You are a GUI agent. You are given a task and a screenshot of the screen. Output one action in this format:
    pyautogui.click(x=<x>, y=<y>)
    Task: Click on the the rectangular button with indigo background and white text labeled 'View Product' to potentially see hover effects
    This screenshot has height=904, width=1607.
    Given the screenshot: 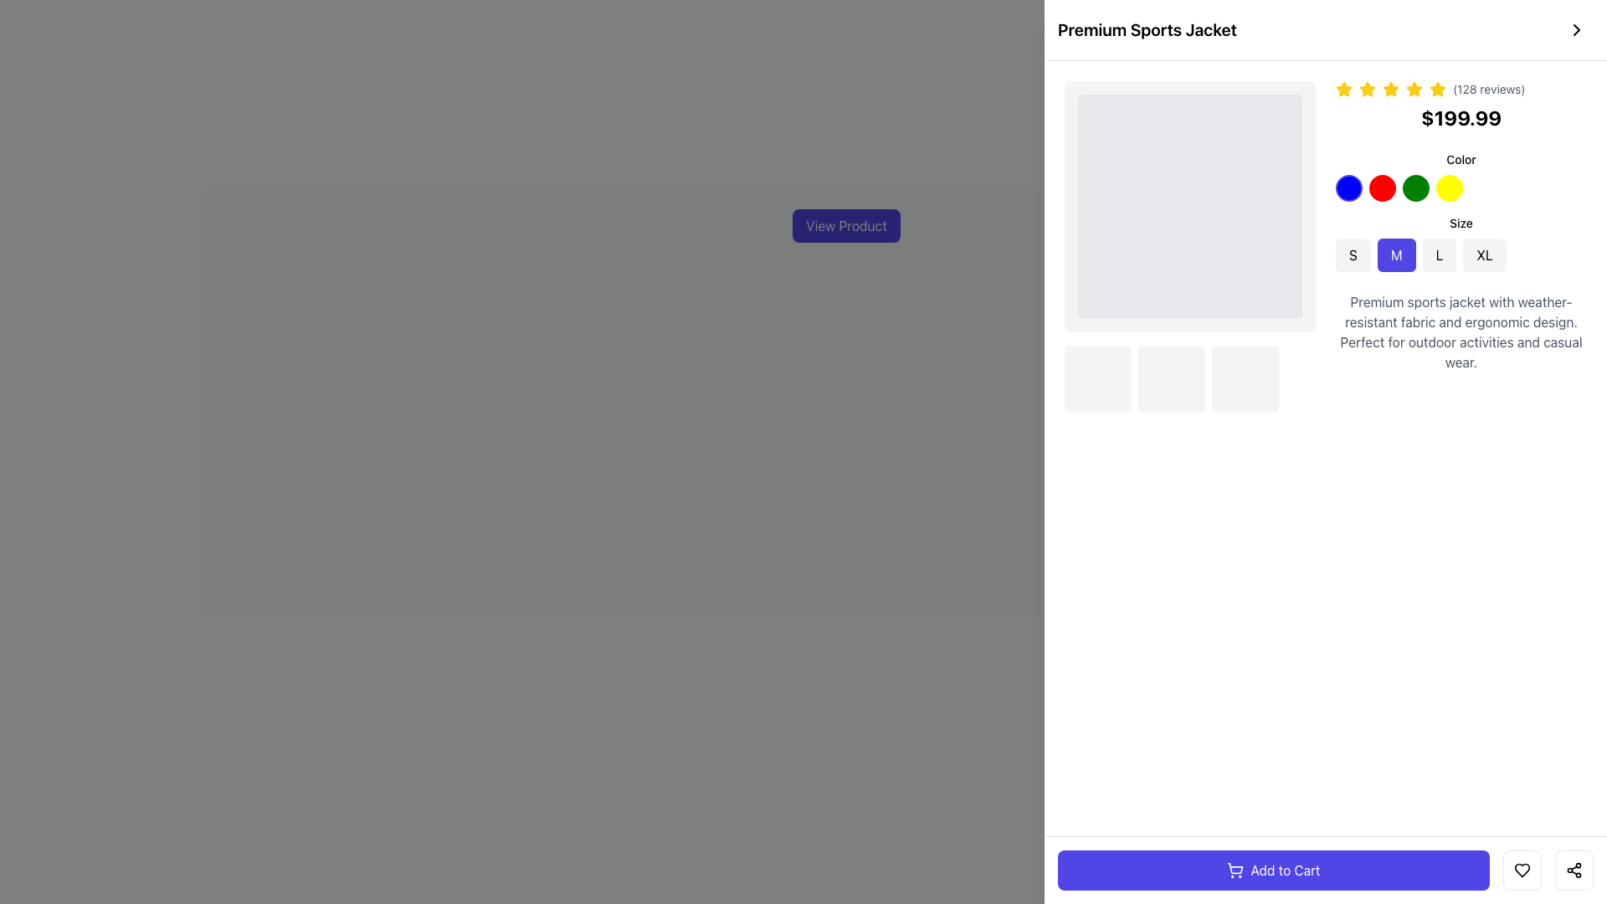 What is the action you would take?
    pyautogui.click(x=846, y=226)
    